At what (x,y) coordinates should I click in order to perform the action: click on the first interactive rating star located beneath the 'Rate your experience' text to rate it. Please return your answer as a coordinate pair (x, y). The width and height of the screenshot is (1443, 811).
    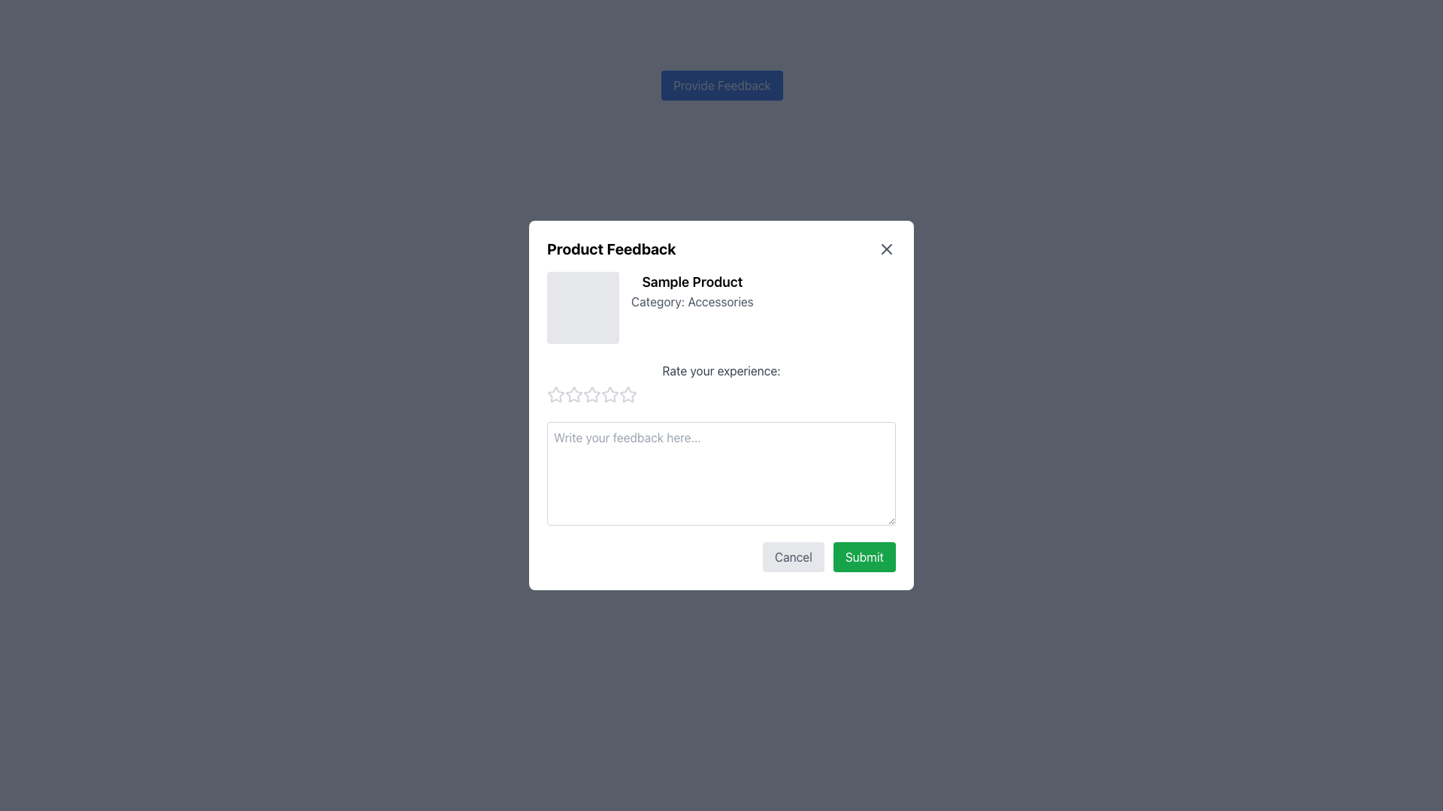
    Looking at the image, I should click on (555, 393).